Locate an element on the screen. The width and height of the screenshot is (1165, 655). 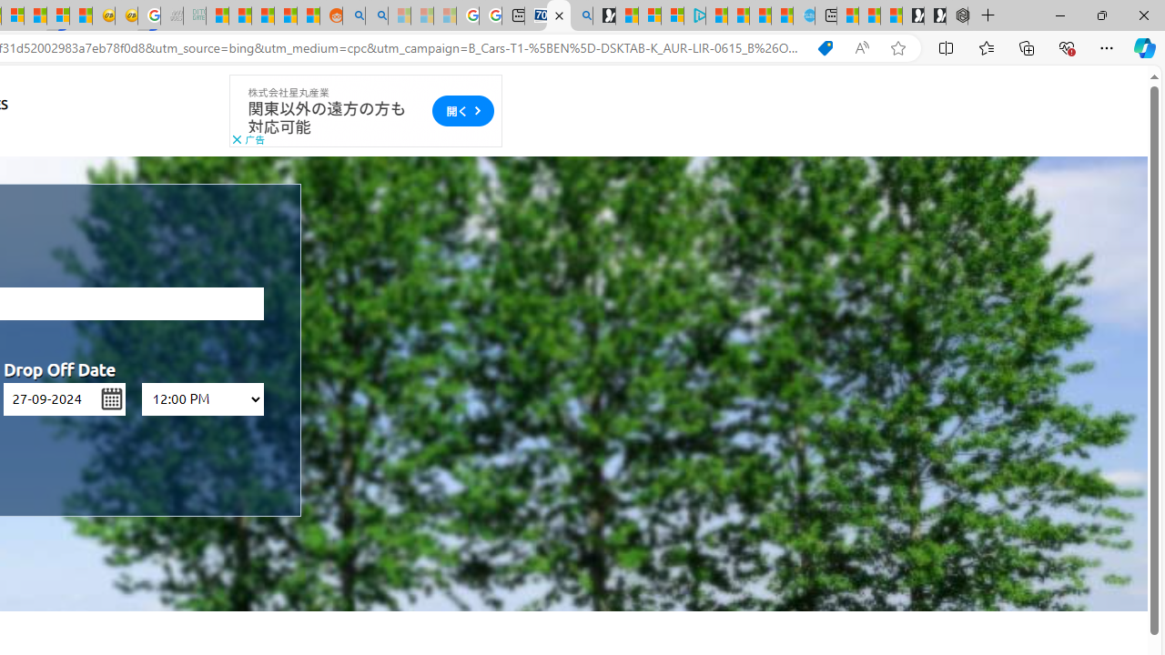
'Class: select-dropoff-time select_box' is located at coordinates (202, 398).